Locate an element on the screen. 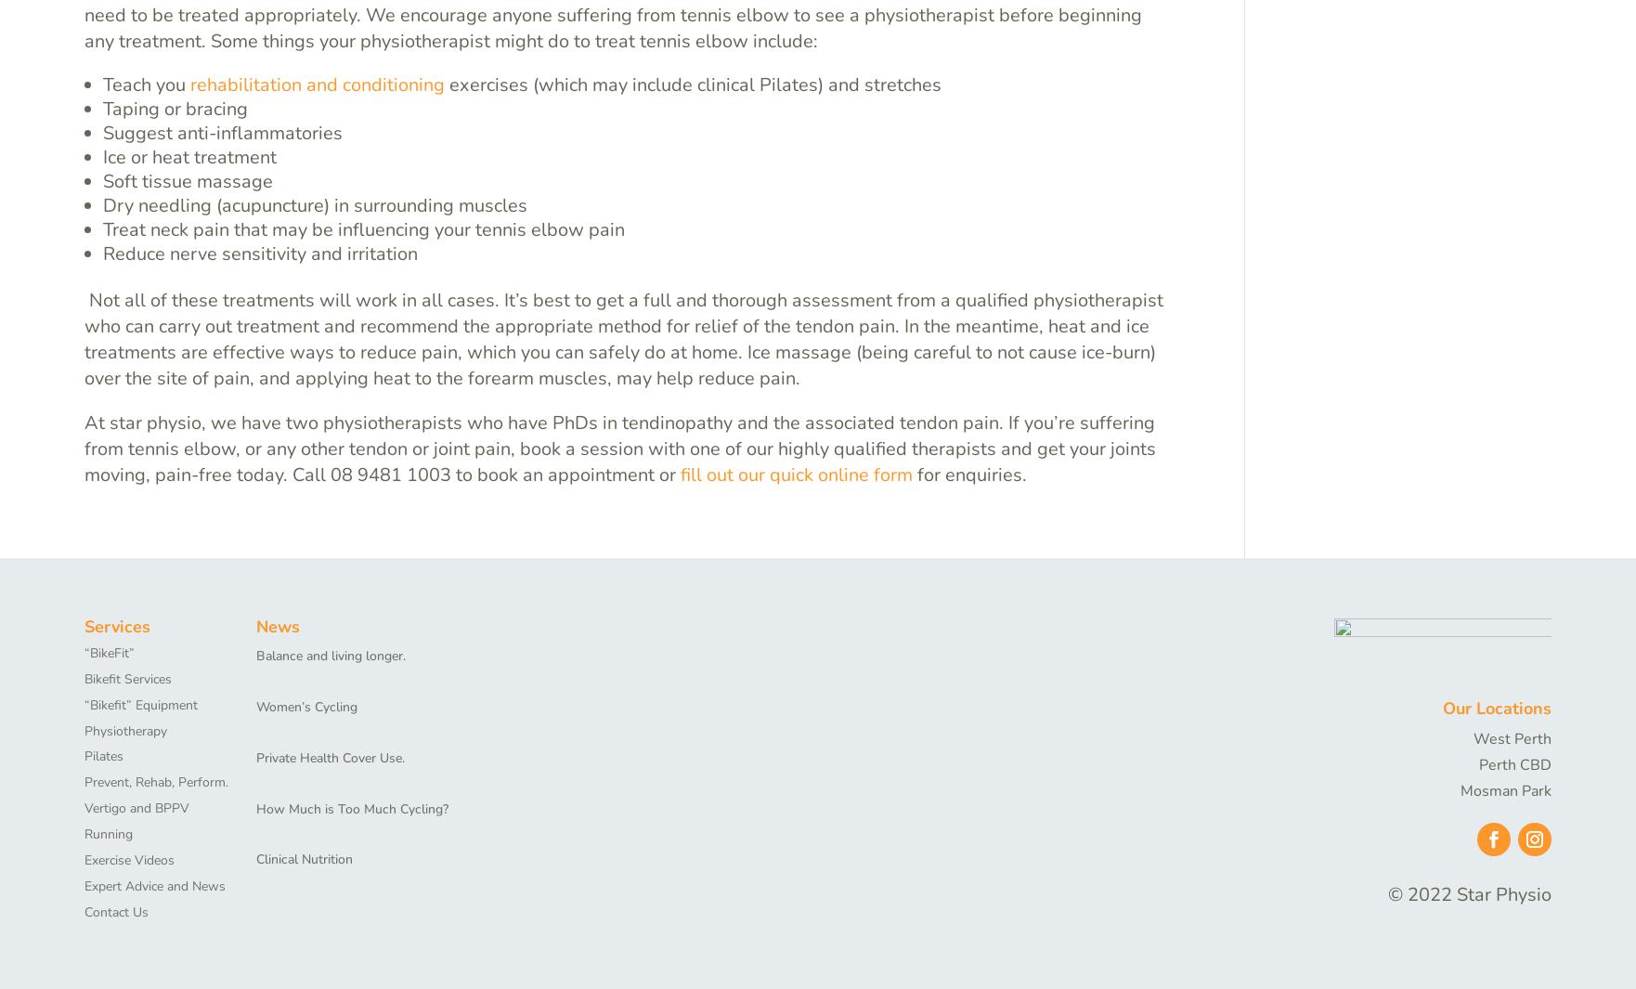  '© 2022 Star Physio' is located at coordinates (1468, 893).